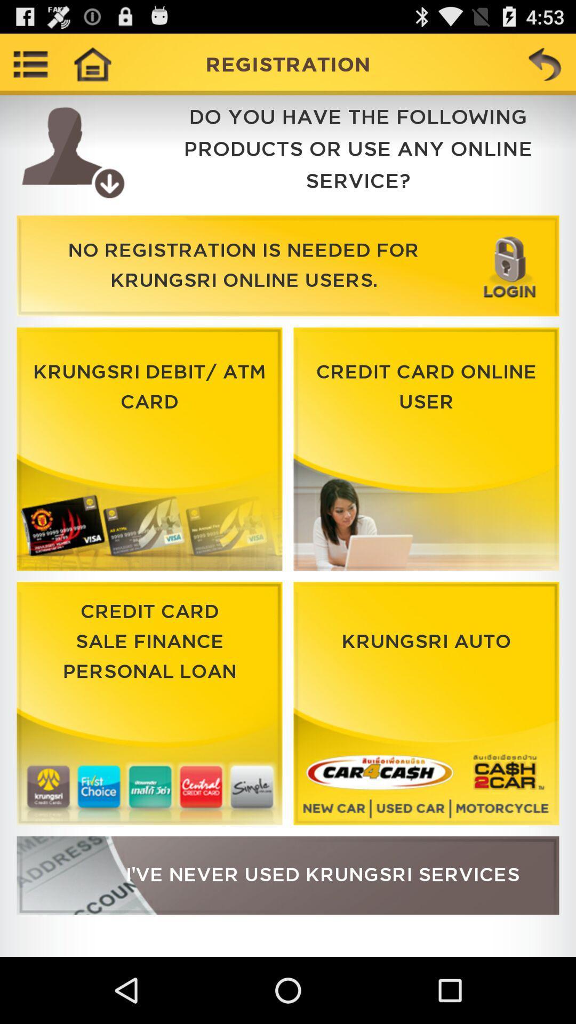 The height and width of the screenshot is (1024, 576). What do you see at coordinates (149, 449) in the screenshot?
I see `logo` at bounding box center [149, 449].